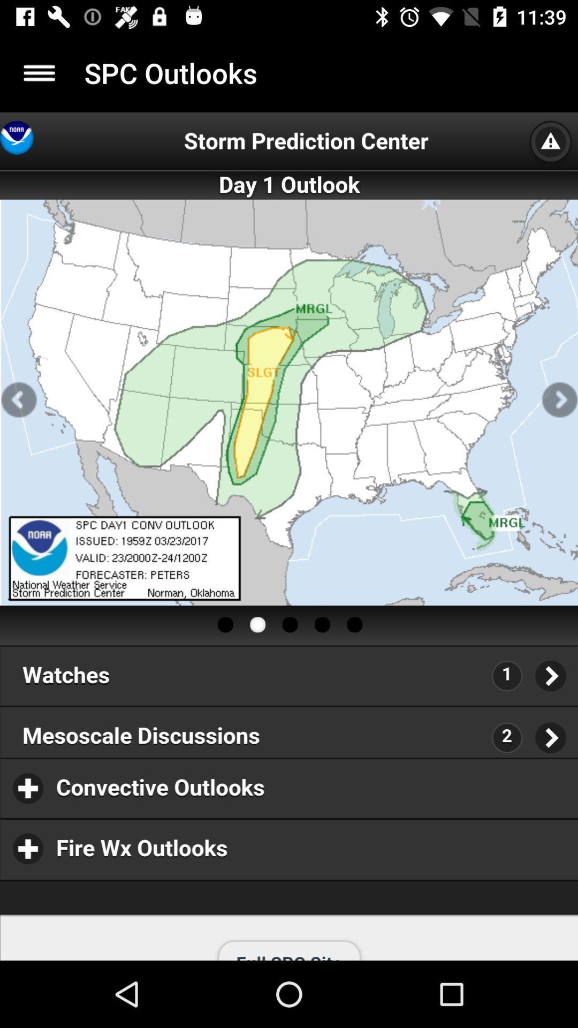  What do you see at coordinates (39, 72) in the screenshot?
I see `the menu icon` at bounding box center [39, 72].